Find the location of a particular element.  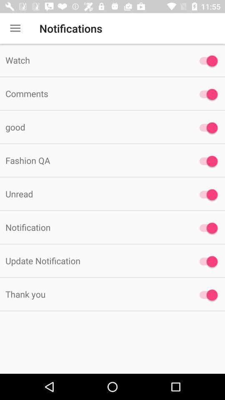

the item below update notification item is located at coordinates (93, 294).